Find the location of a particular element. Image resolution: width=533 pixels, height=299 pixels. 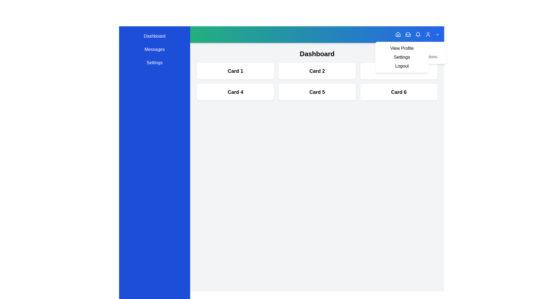

the inbox or mail icon, which is the third icon from the left in the top-right section of the toolbar, located between the home icon and the notification icon is located at coordinates (408, 34).